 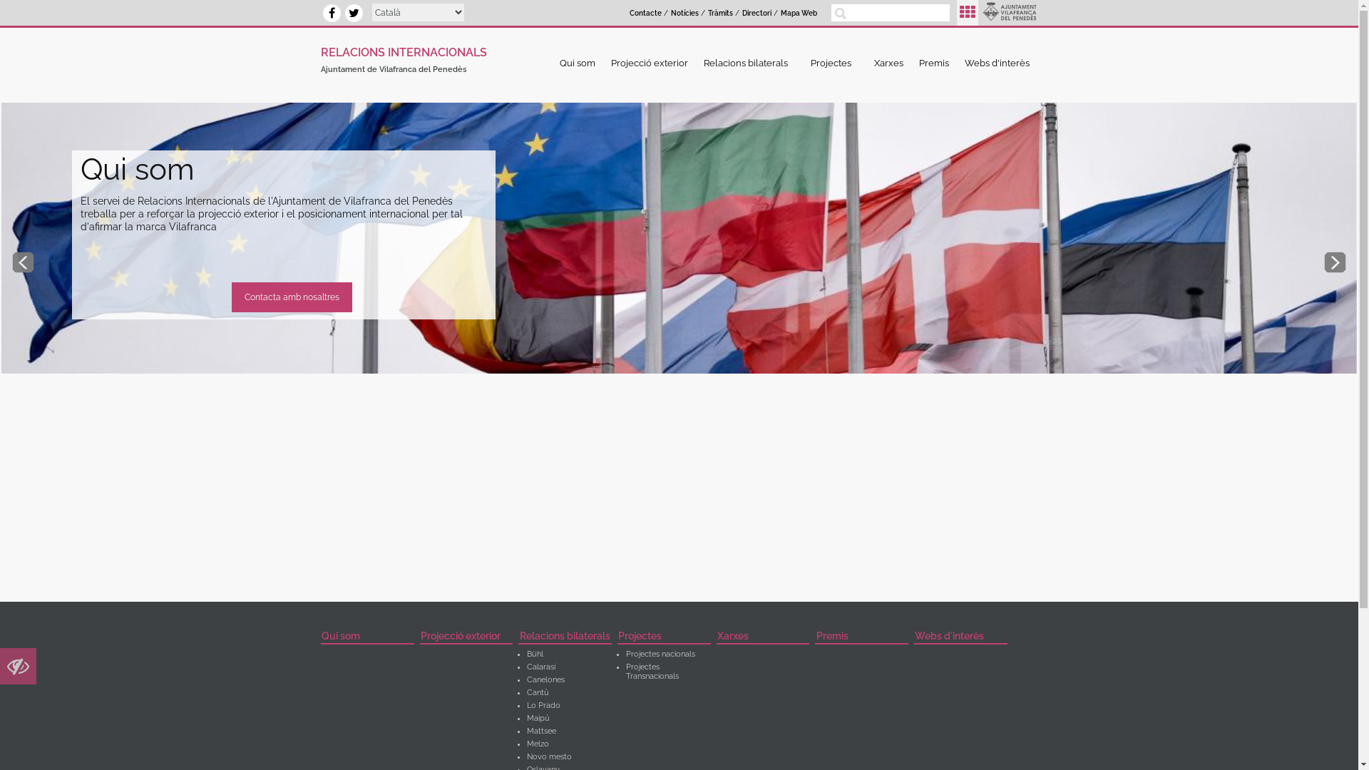 I want to click on 'Qui som', so click(x=578, y=62).